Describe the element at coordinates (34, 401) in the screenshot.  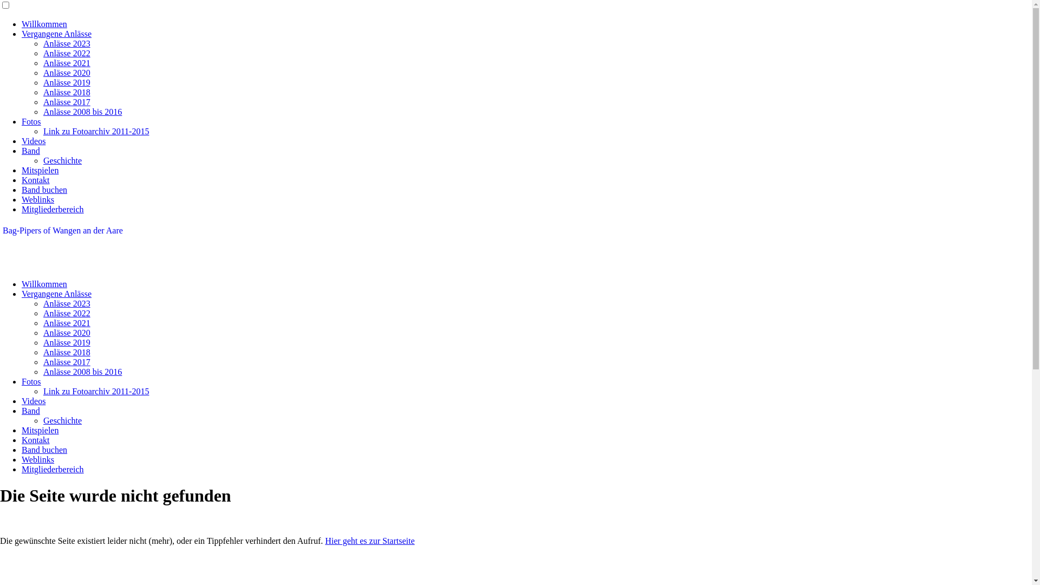
I see `'Videos'` at that location.